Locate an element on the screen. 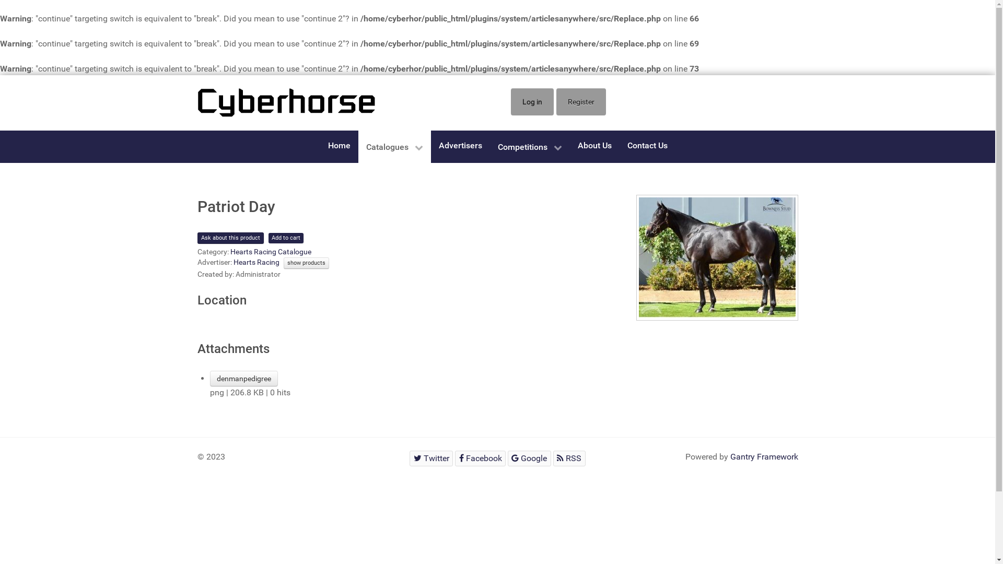 The image size is (1003, 564). 'denmanpedigree' is located at coordinates (243, 379).